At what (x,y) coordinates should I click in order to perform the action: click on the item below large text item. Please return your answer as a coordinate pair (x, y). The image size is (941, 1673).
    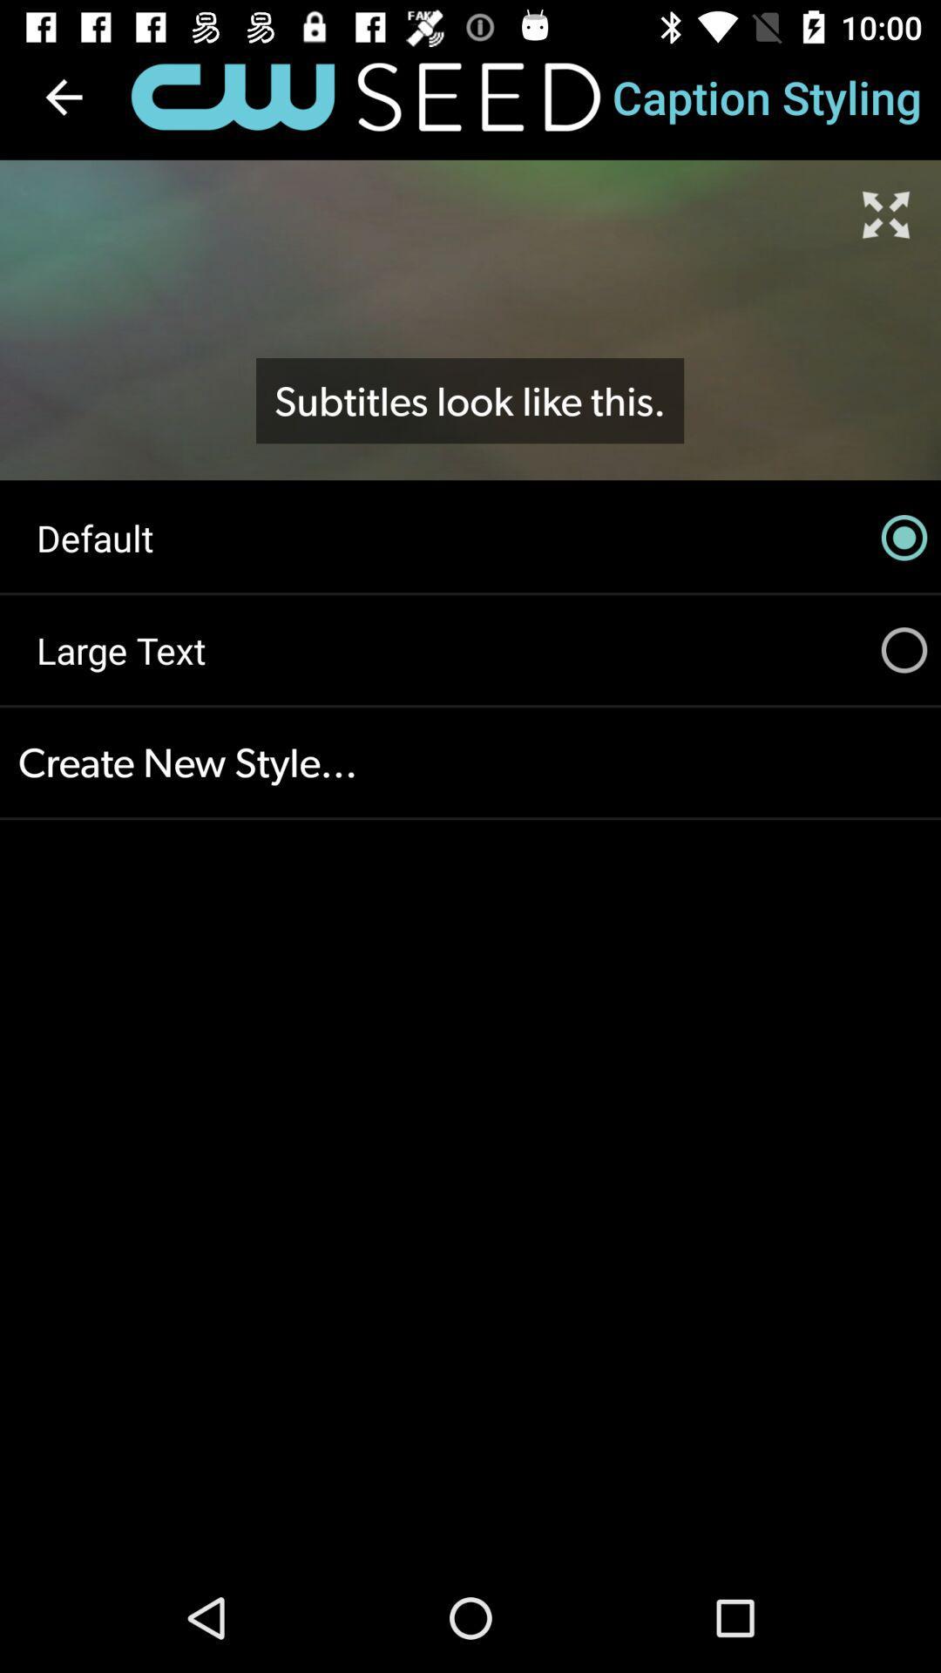
    Looking at the image, I should click on (470, 762).